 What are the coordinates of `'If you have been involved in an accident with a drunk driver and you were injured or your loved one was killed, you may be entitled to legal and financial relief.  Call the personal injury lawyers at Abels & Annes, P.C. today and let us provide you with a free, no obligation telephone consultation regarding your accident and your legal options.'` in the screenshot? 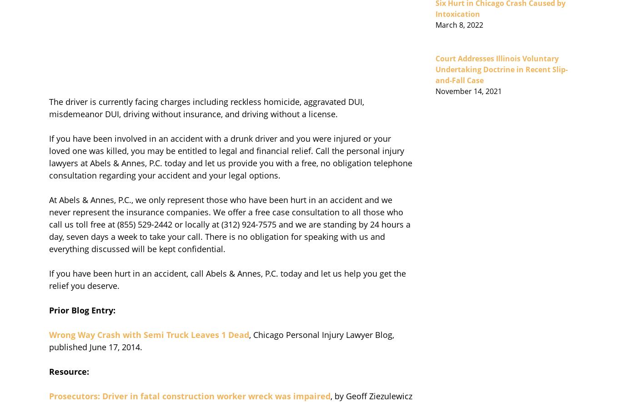 It's located at (230, 157).